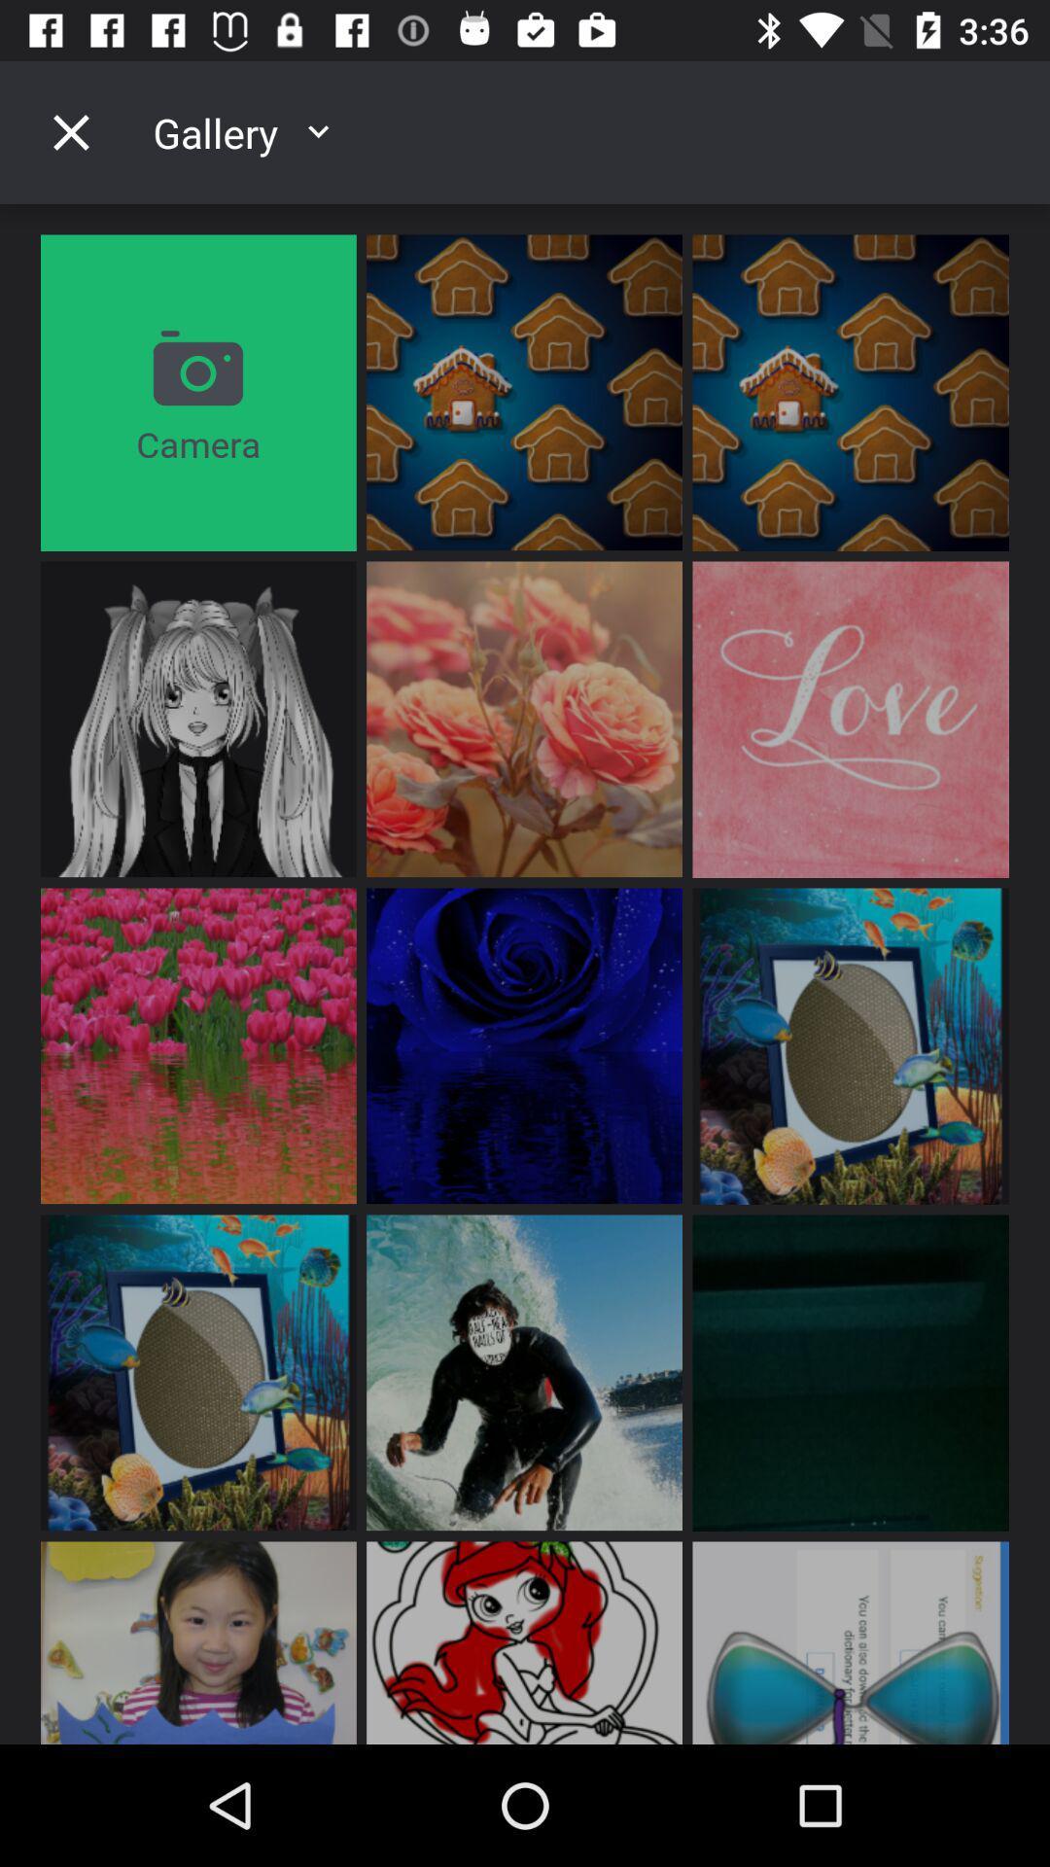 This screenshot has width=1050, height=1867. I want to click on the icon above camera, so click(70, 131).